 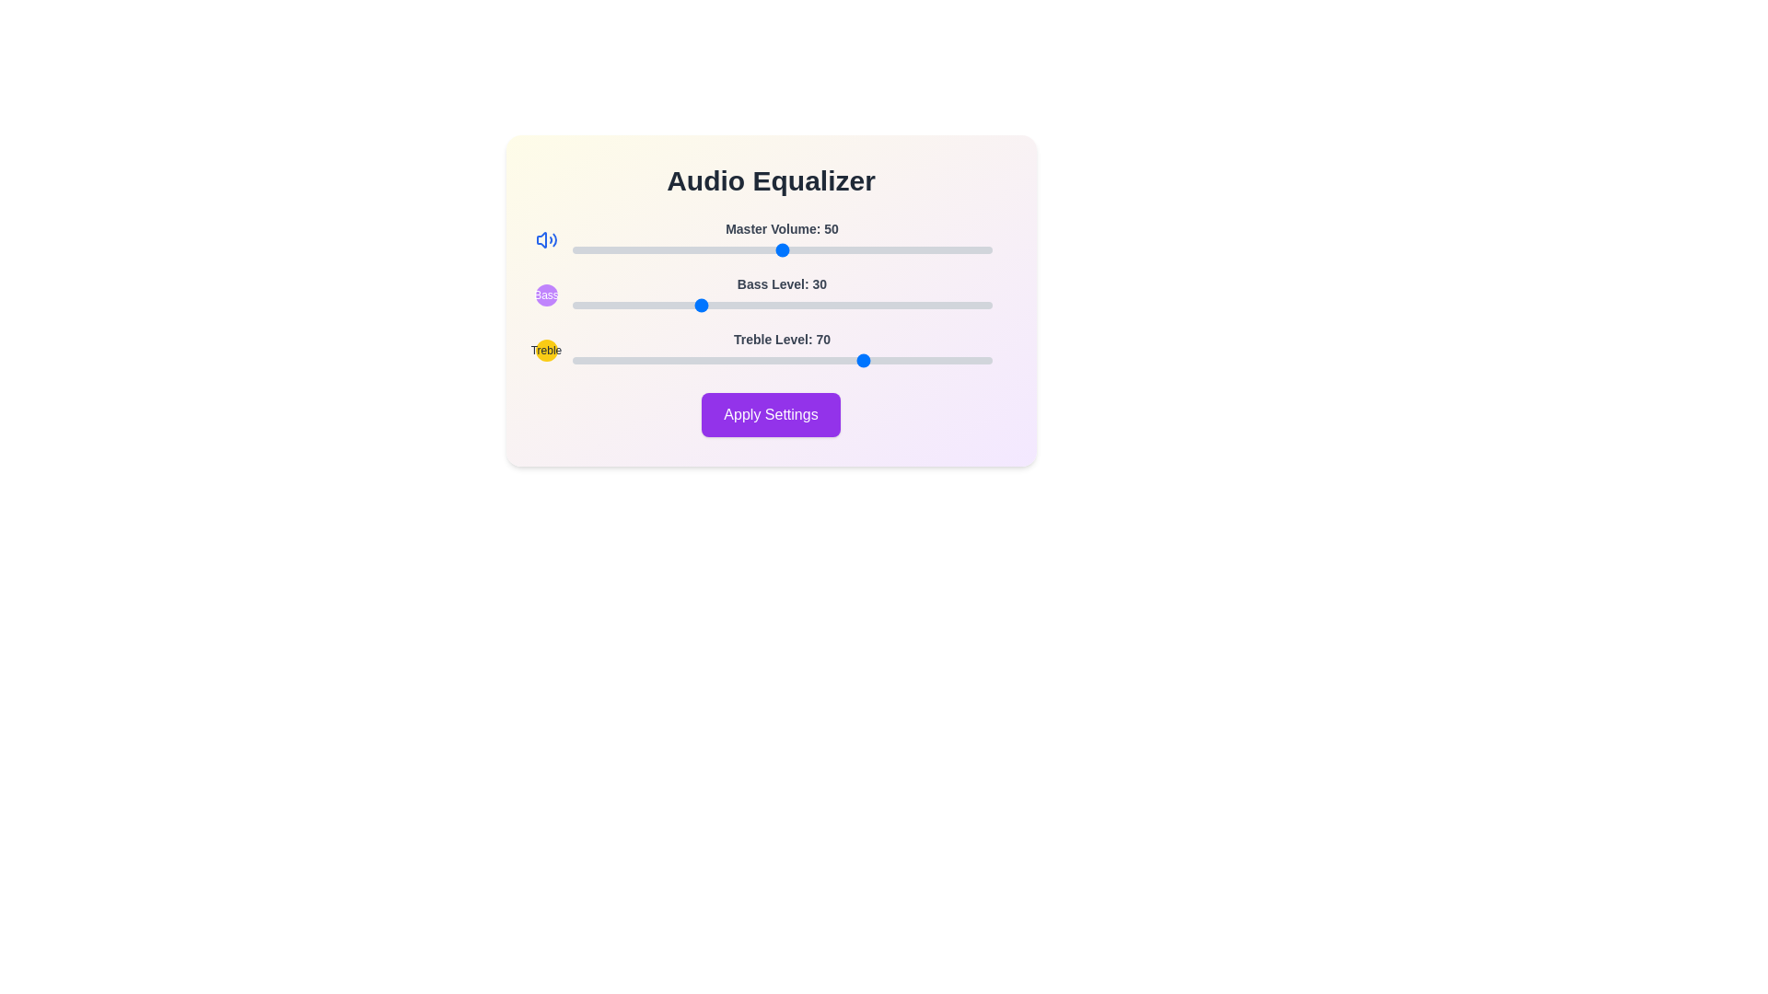 I want to click on bass level, so click(x=807, y=304).